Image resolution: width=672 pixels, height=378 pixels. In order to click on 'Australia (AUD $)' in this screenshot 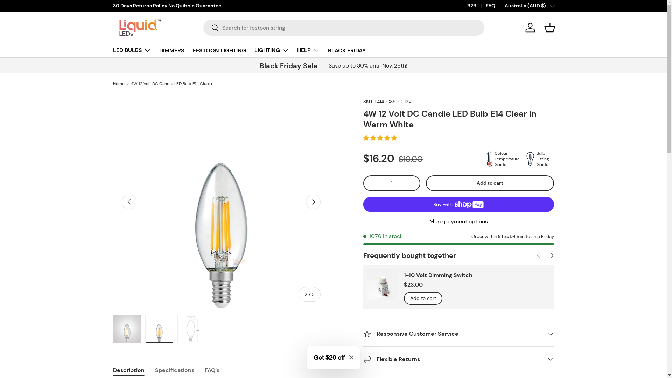, I will do `click(504, 6)`.